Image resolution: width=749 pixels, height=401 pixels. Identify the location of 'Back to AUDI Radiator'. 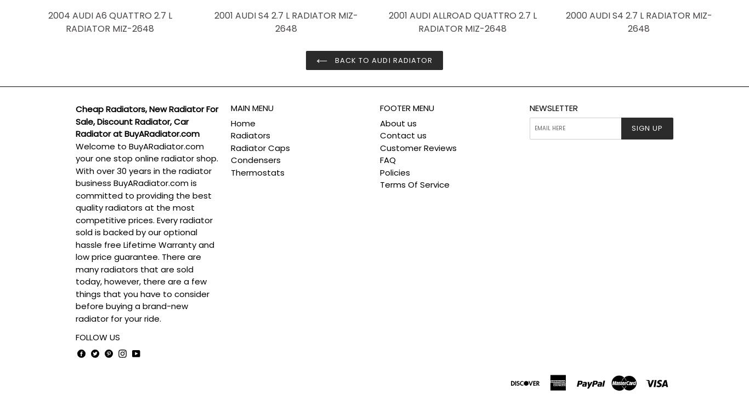
(382, 60).